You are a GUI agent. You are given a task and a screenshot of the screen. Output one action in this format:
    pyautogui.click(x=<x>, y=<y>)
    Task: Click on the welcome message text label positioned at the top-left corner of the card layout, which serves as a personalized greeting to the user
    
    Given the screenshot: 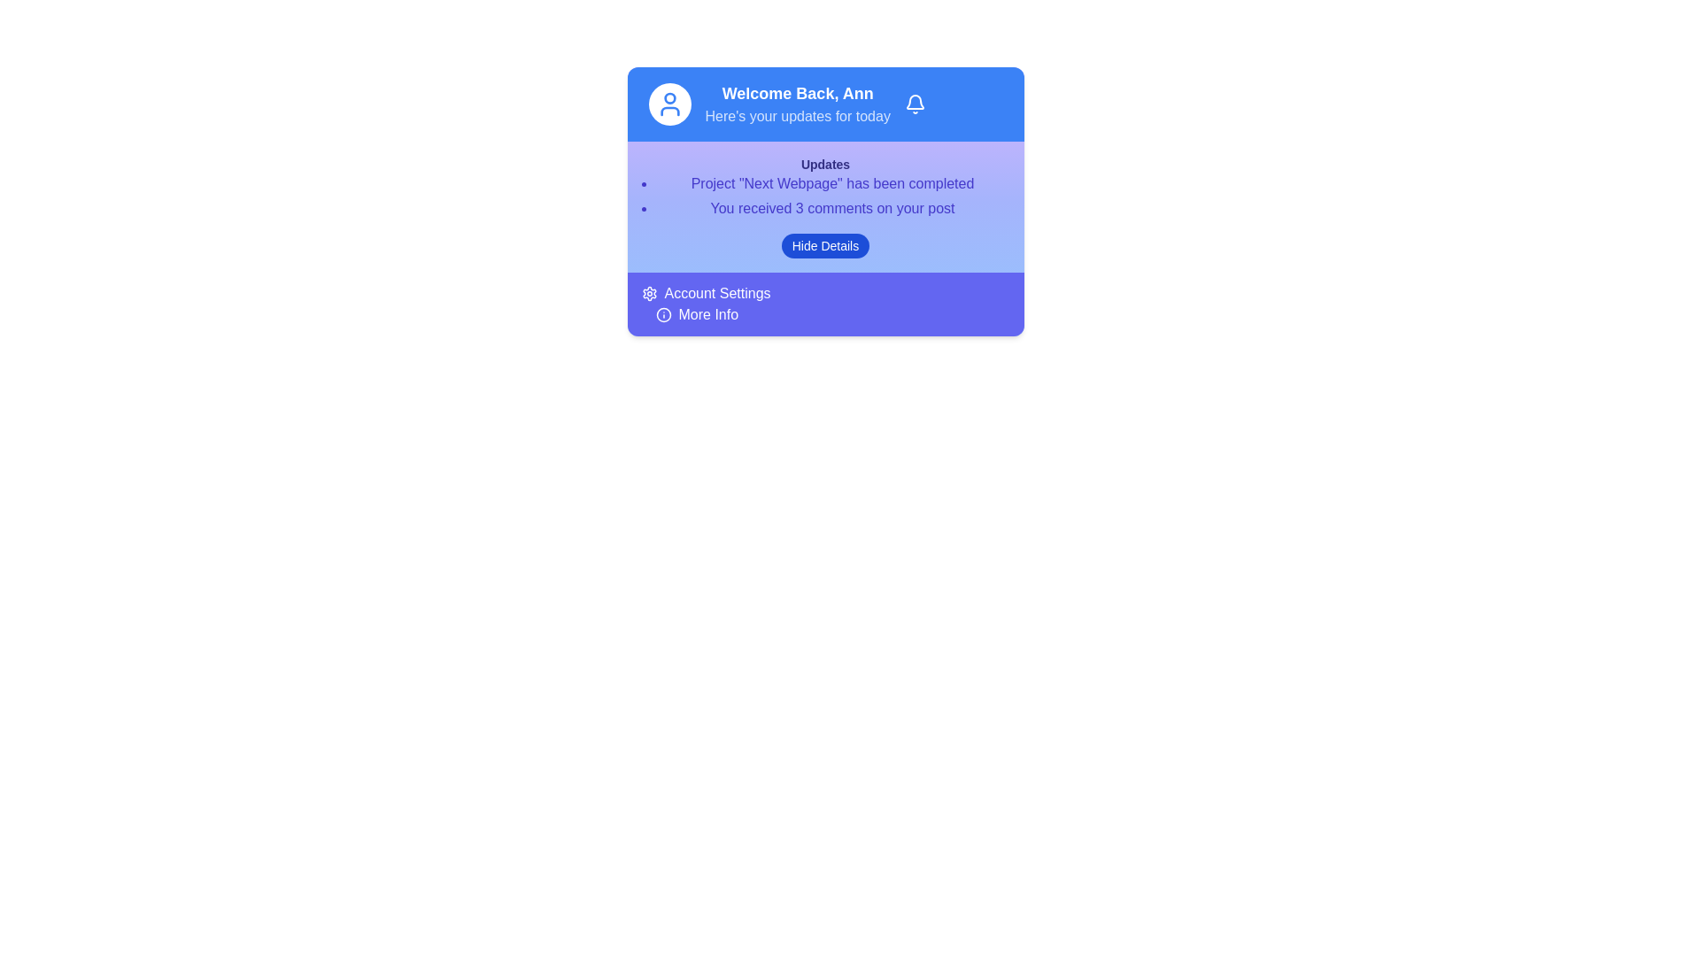 What is the action you would take?
    pyautogui.click(x=797, y=93)
    